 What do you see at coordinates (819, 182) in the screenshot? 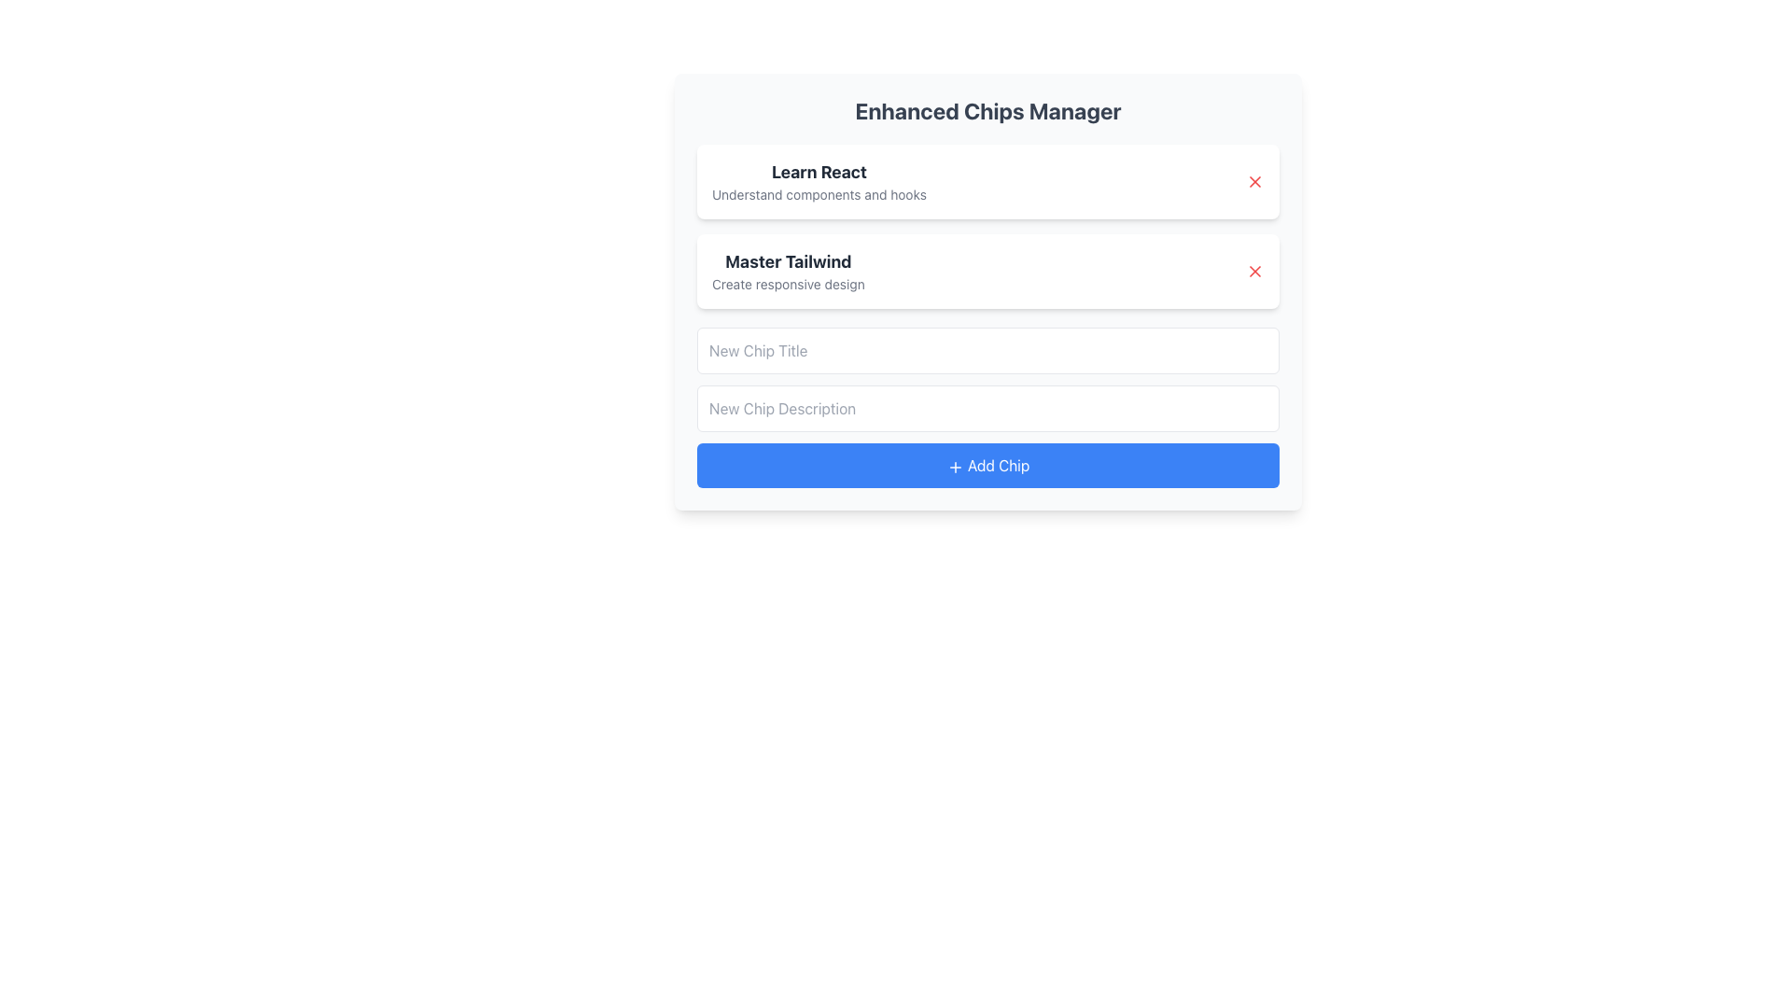
I see `the text element displaying 'Learn React' and 'Understand components and hooks' located in the first card below the heading 'Enhanced Chips Manager.'` at bounding box center [819, 182].